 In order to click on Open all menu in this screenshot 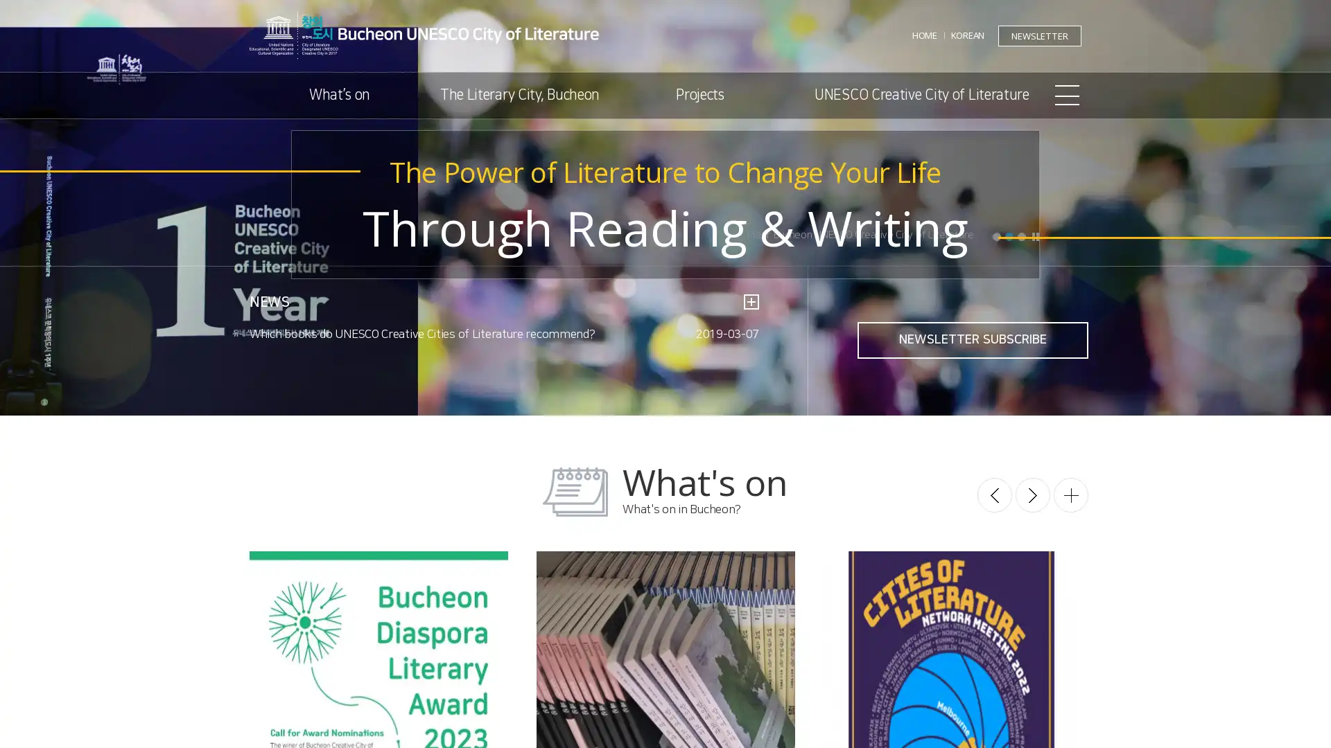, I will do `click(1067, 95)`.